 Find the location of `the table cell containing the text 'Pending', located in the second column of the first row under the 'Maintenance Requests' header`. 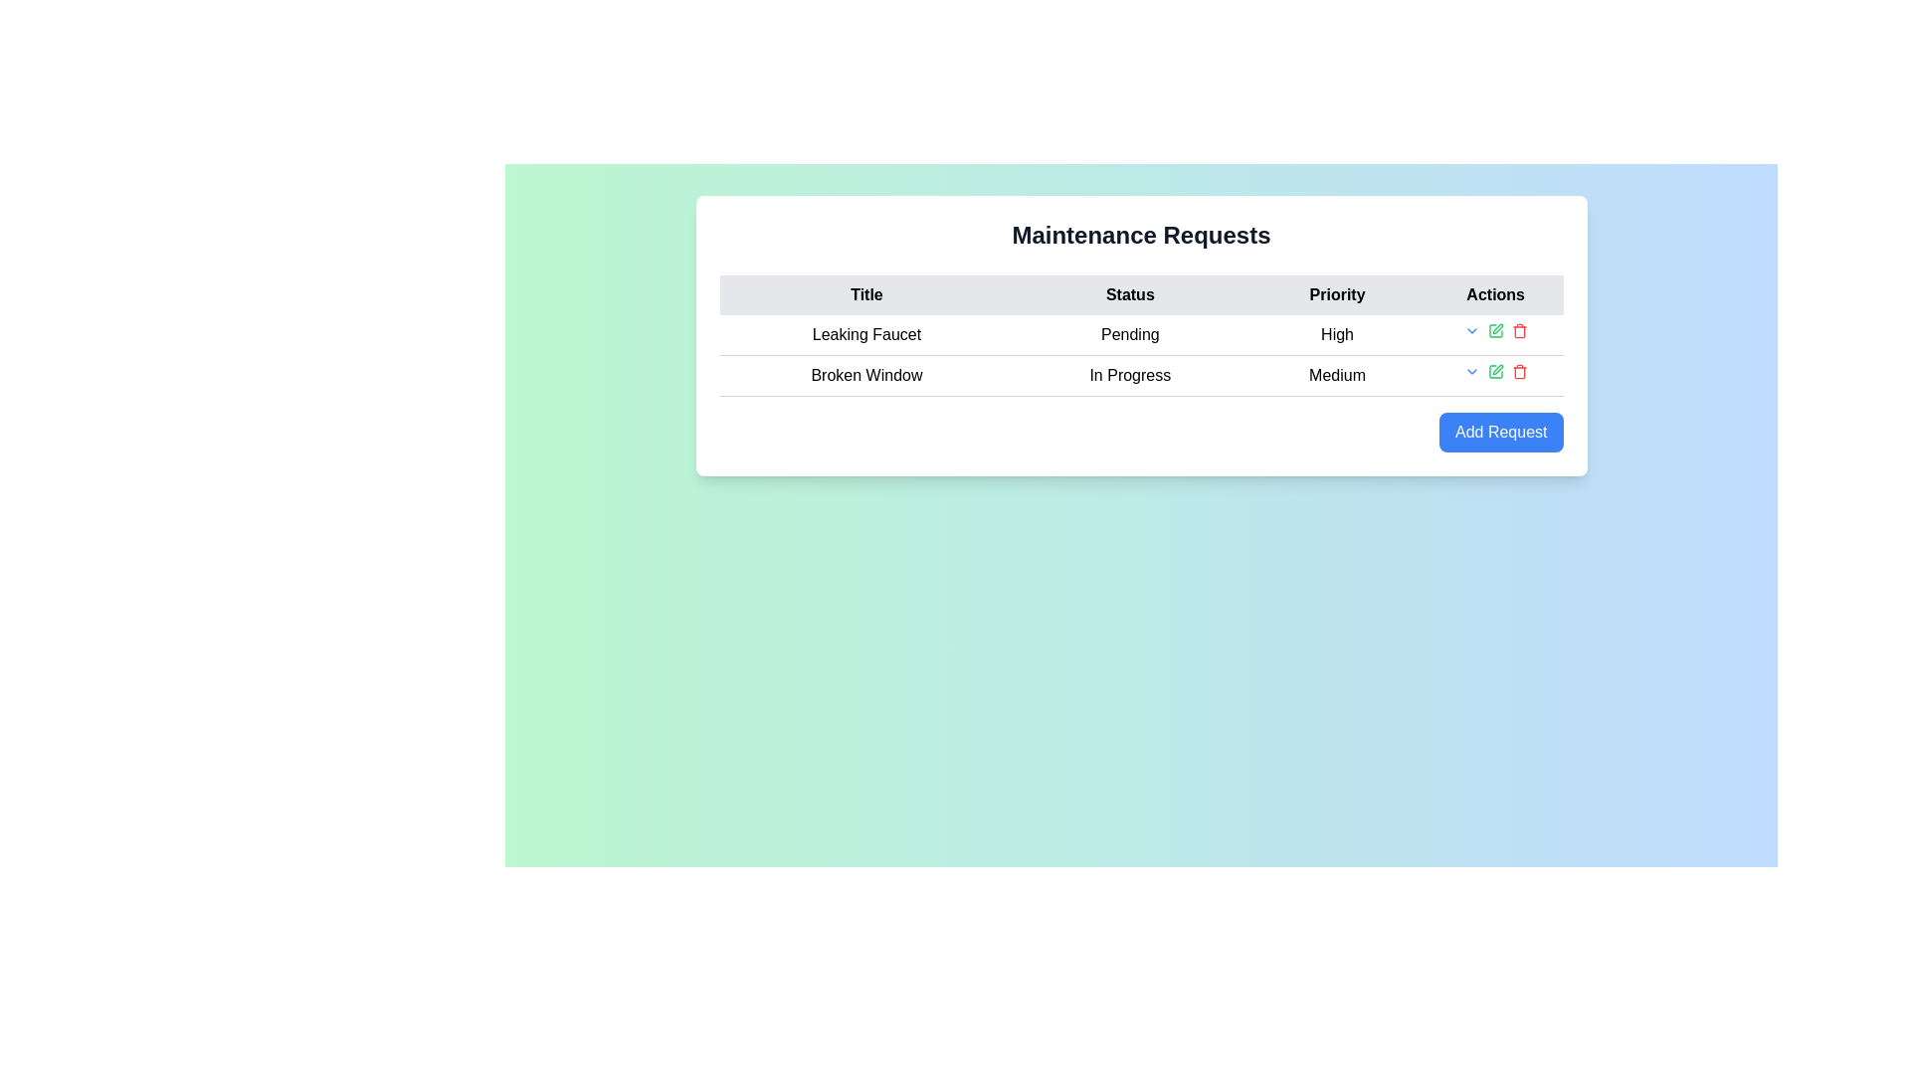

the table cell containing the text 'Pending', located in the second column of the first row under the 'Maintenance Requests' header is located at coordinates (1141, 334).